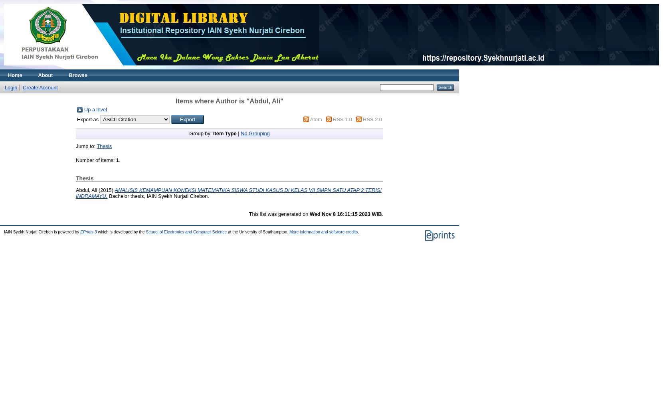 The width and height of the screenshot is (663, 399). What do you see at coordinates (158, 195) in the screenshot?
I see `'Bachelor thesis, IAIN Syekh Nurjati Cirebon.'` at bounding box center [158, 195].